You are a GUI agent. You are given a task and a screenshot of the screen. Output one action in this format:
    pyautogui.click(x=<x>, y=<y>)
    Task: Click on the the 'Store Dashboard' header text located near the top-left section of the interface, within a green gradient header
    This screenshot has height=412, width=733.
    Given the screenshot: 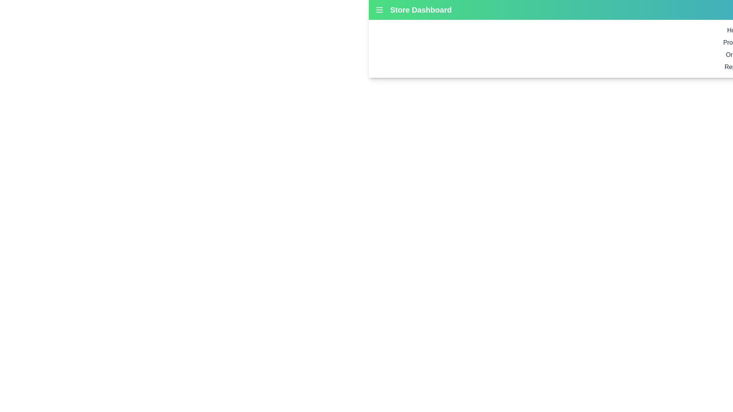 What is the action you would take?
    pyautogui.click(x=420, y=10)
    